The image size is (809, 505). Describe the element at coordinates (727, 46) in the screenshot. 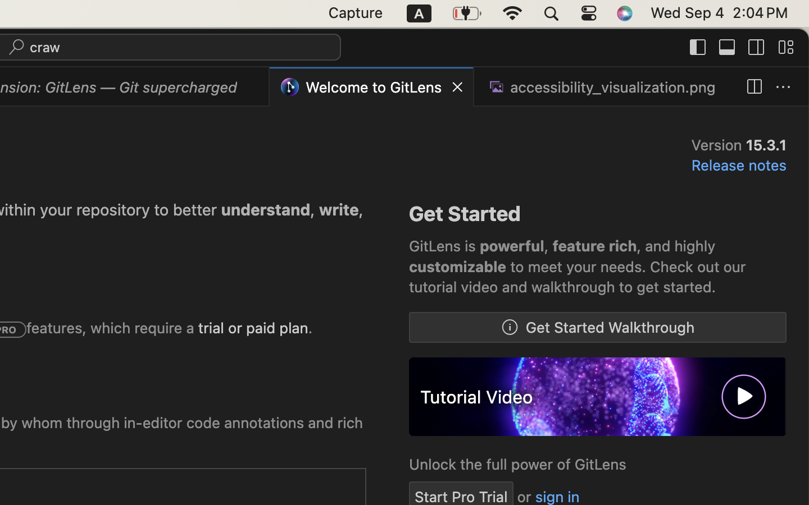

I see `''` at that location.